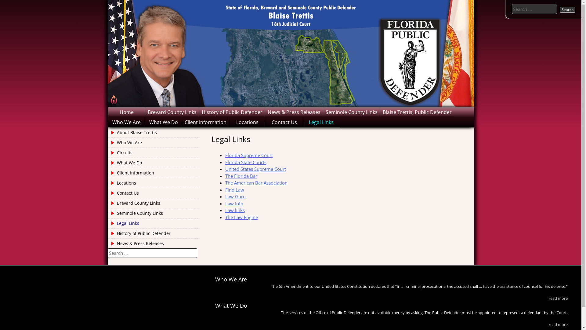 This screenshot has width=586, height=330. I want to click on 'Home', so click(126, 112).